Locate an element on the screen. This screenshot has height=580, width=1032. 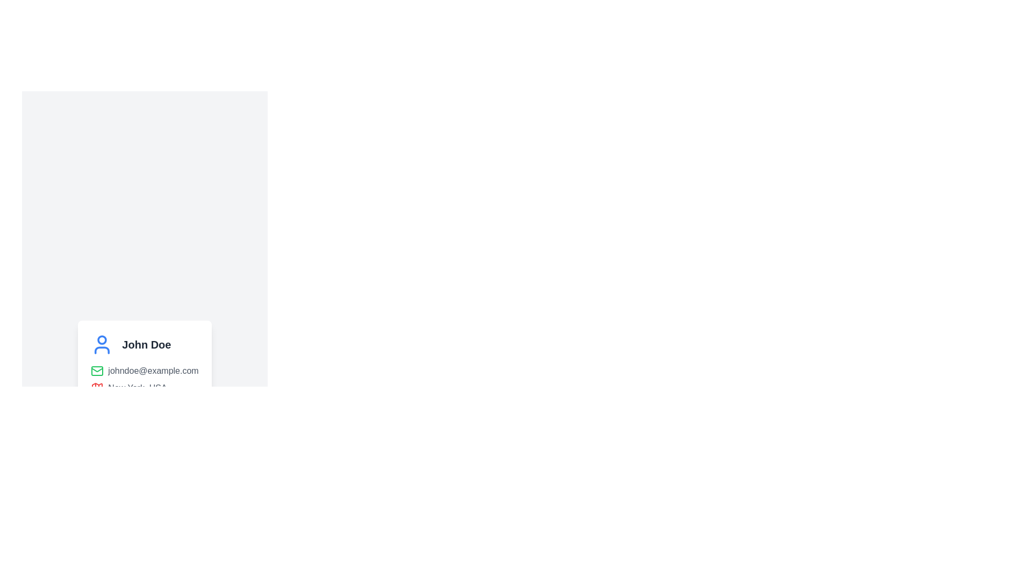
the text block displaying 'johndoe@example.com' and 'New York, USA' is located at coordinates (144, 379).